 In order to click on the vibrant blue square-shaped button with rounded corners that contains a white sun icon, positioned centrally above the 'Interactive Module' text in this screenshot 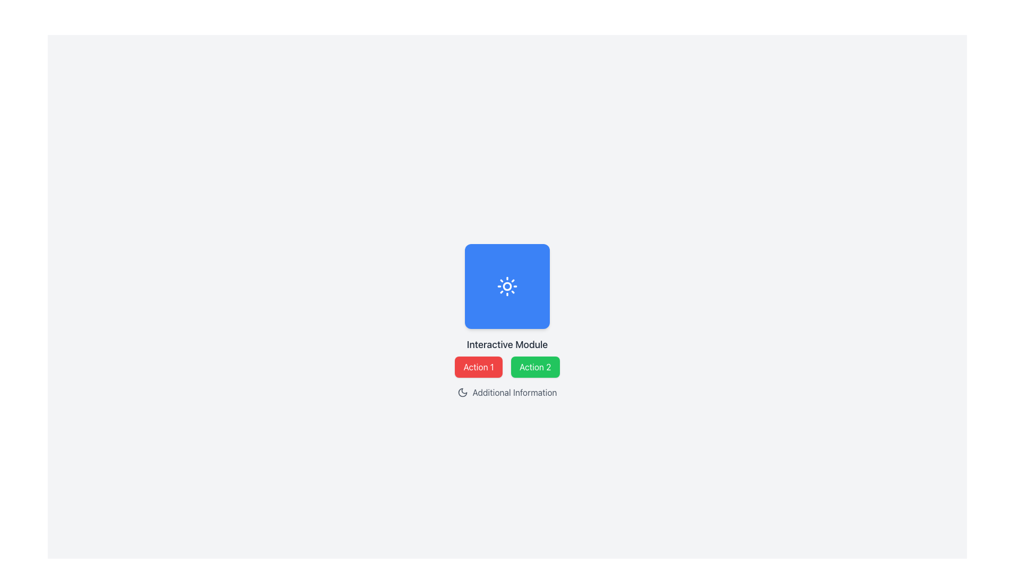, I will do `click(506, 286)`.